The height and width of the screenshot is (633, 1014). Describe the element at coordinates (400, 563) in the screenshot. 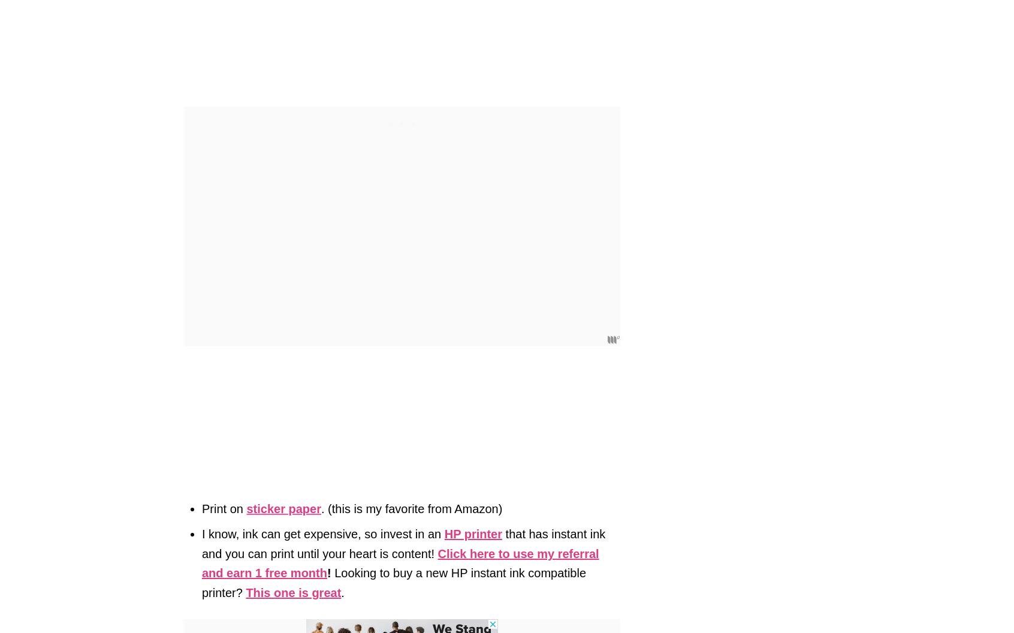

I see `'Click here to use my referral and earn 1 free month'` at that location.